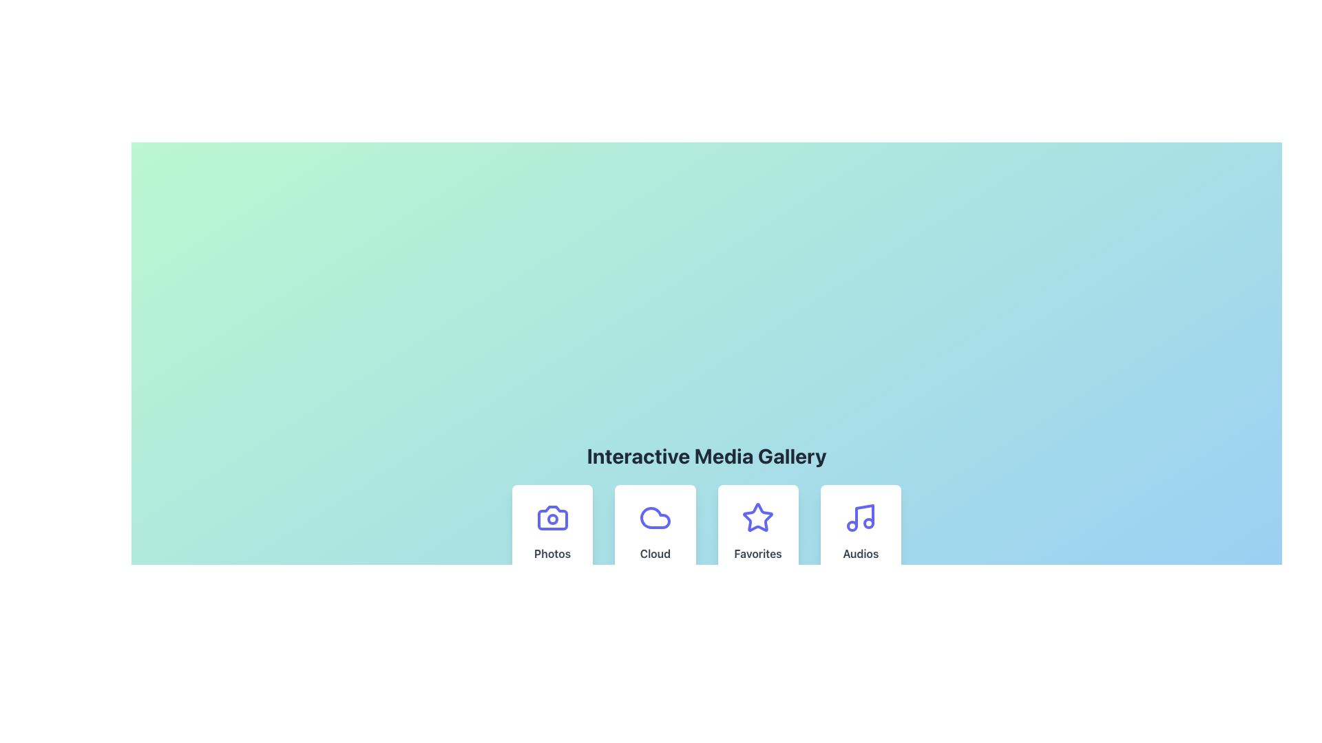  What do you see at coordinates (757, 533) in the screenshot?
I see `the third card in the media gallery that displays favorite items, located between the 'Cloud' card and the 'Audios' card` at bounding box center [757, 533].